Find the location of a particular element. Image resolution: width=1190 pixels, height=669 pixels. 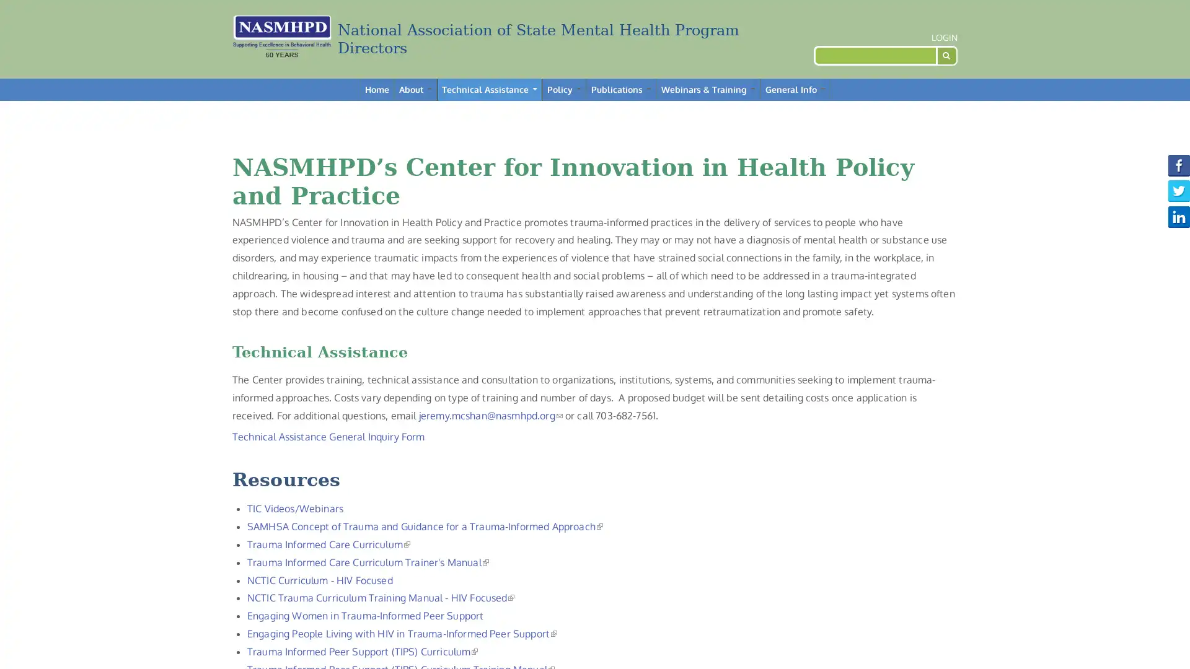

Search is located at coordinates (947, 55).